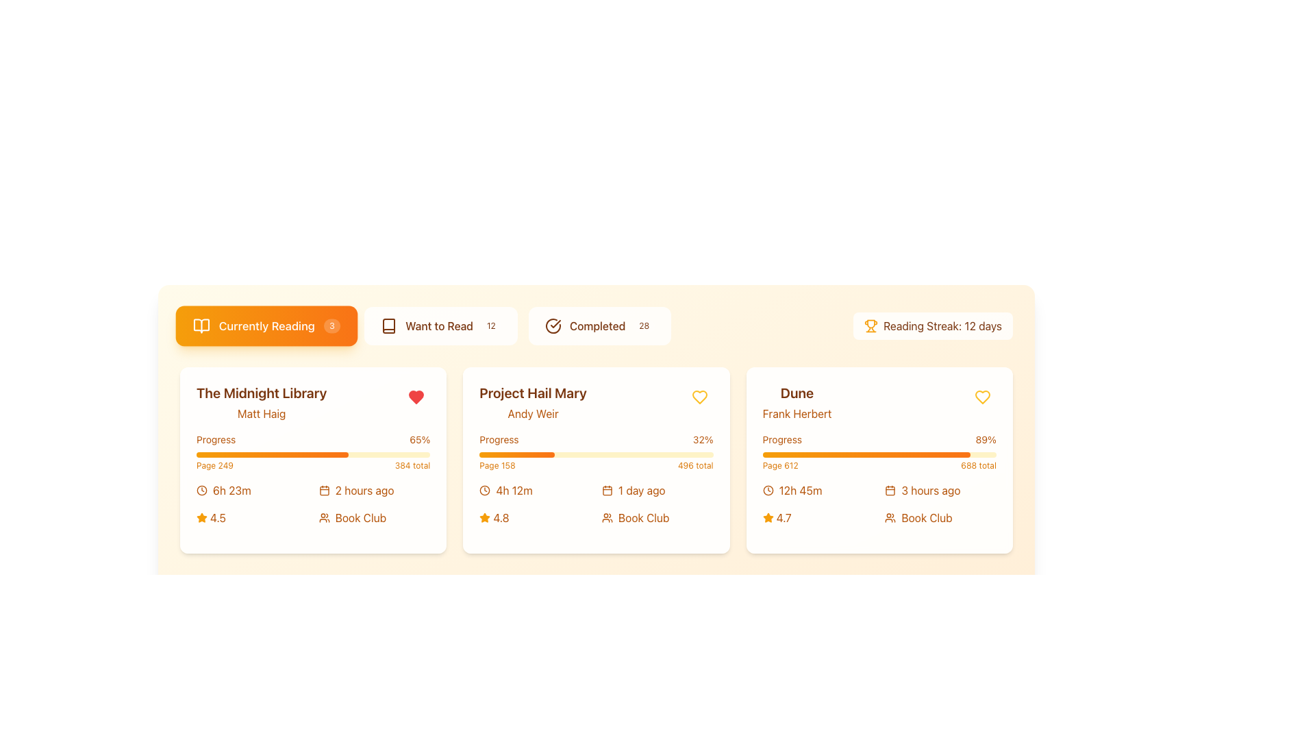 The width and height of the screenshot is (1315, 740). What do you see at coordinates (375, 490) in the screenshot?
I see `the text label '2 hours ago' with an amber color and a calendar icon, located in the 'Currently Reading' section of 'The Midnight Library' card` at bounding box center [375, 490].